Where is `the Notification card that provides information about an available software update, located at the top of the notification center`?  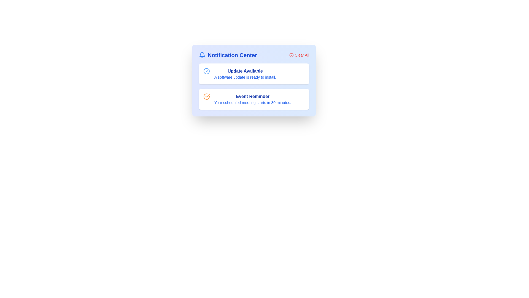
the Notification card that provides information about an available software update, located at the top of the notification center is located at coordinates (253, 73).